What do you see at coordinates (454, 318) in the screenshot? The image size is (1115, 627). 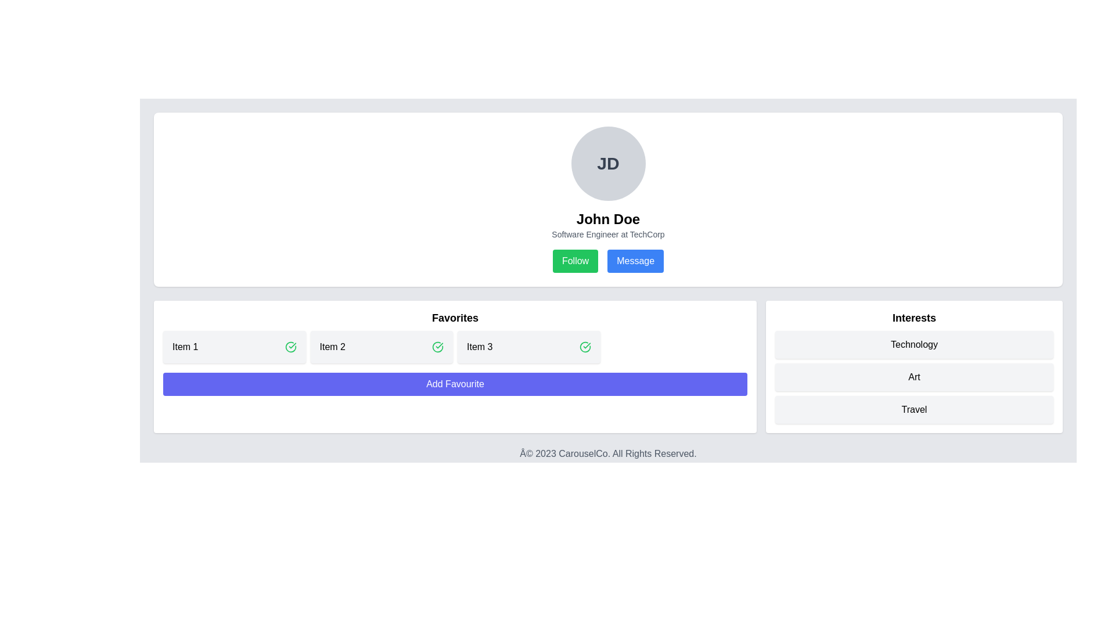 I see `the bold text label displaying 'Favorites' located at the top of the card section` at bounding box center [454, 318].